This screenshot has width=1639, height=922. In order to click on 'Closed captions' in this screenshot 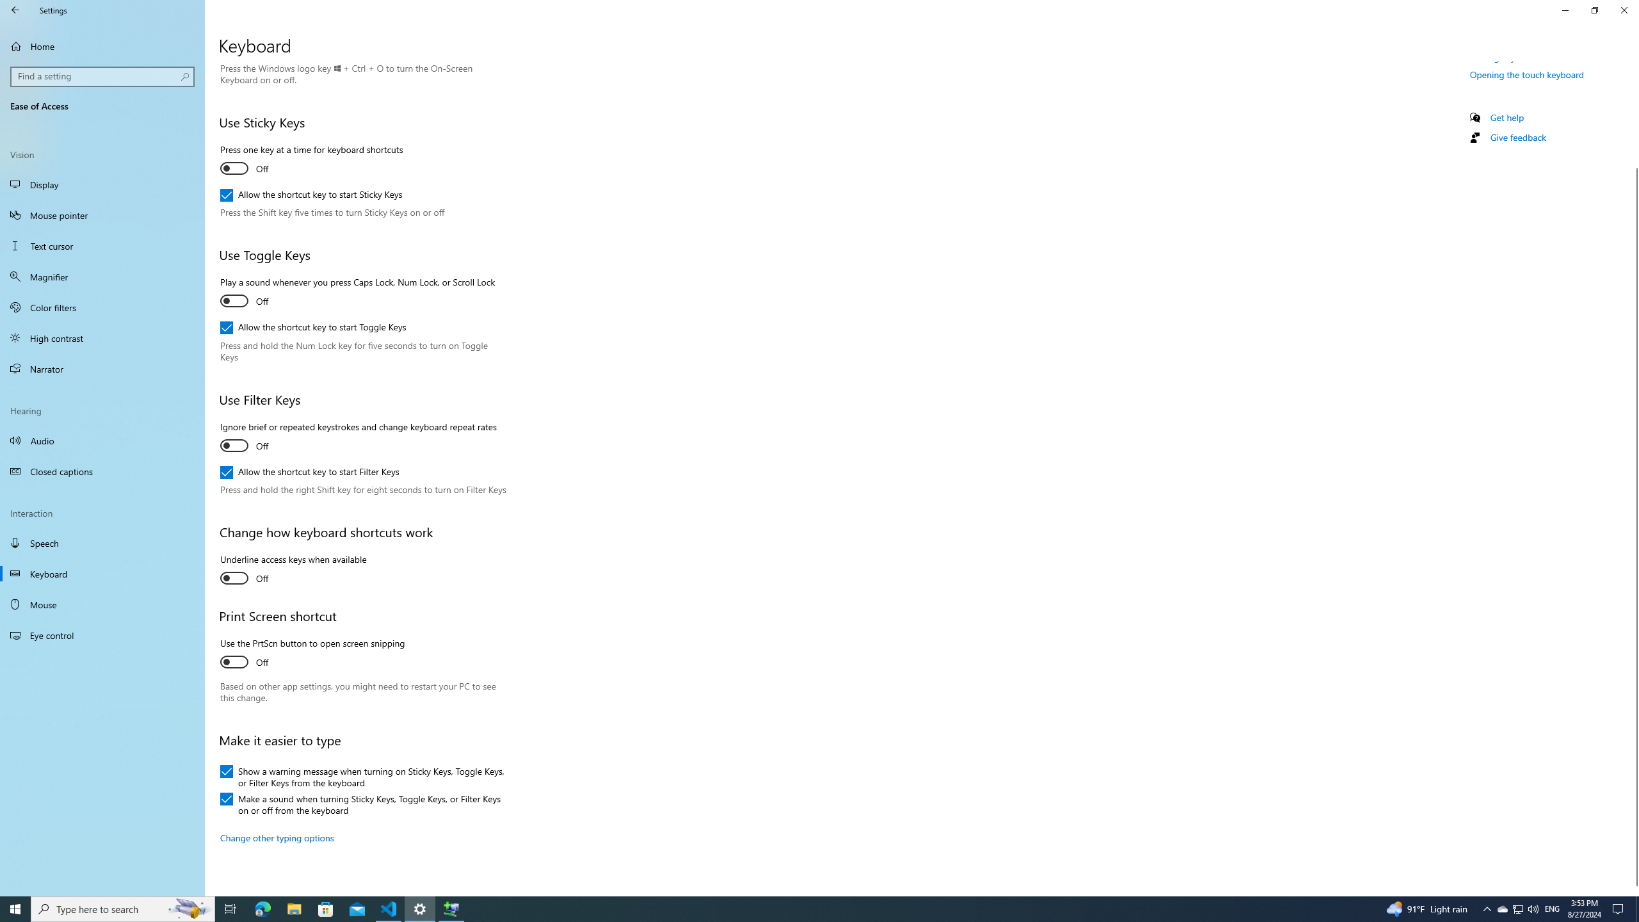, I will do `click(102, 471)`.